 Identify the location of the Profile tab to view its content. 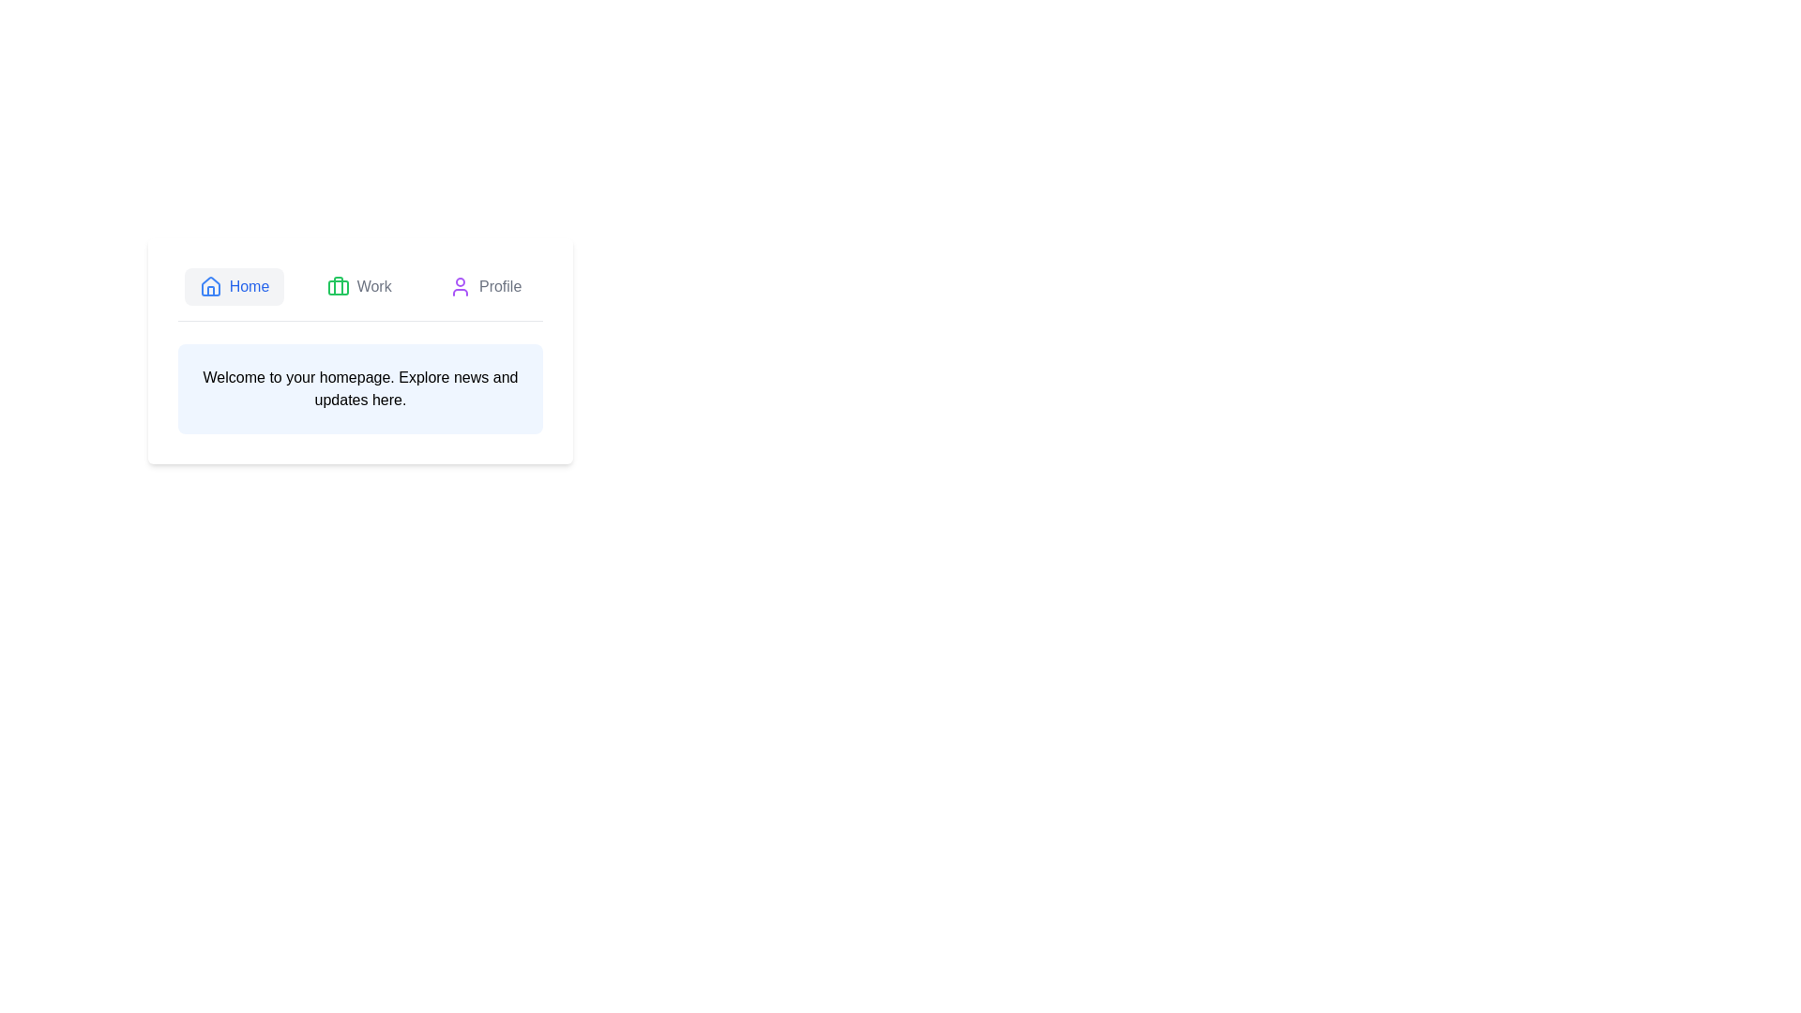
(485, 286).